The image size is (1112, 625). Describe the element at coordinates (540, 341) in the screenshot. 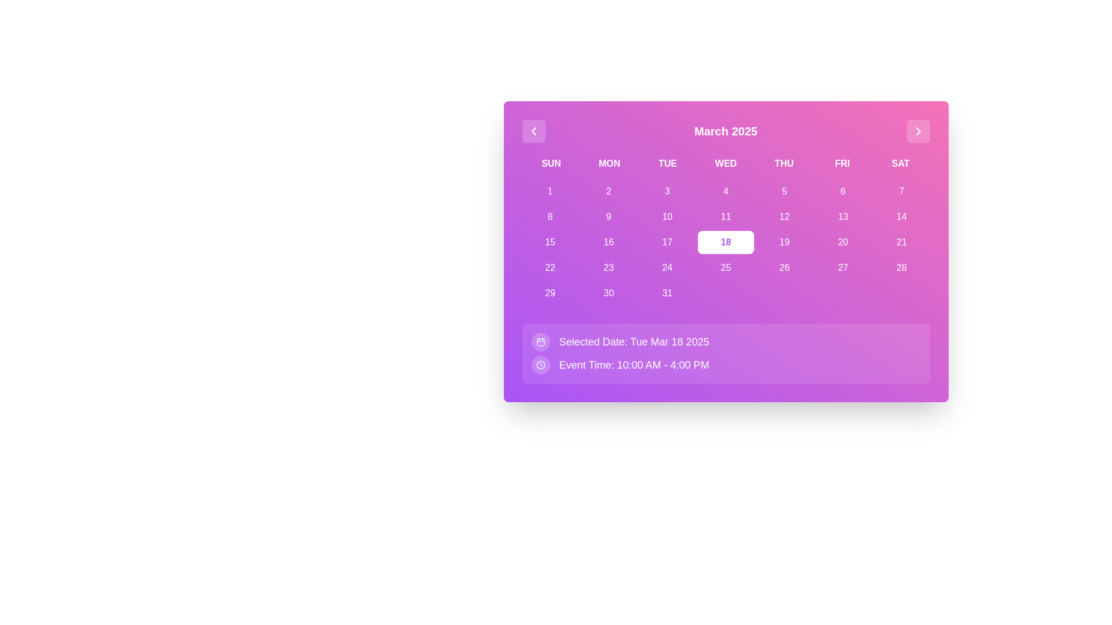

I see `the circular calendar icon with a white background and border, located to the left of the text 'Selected Date: Tue Mar 18 2025'` at that location.